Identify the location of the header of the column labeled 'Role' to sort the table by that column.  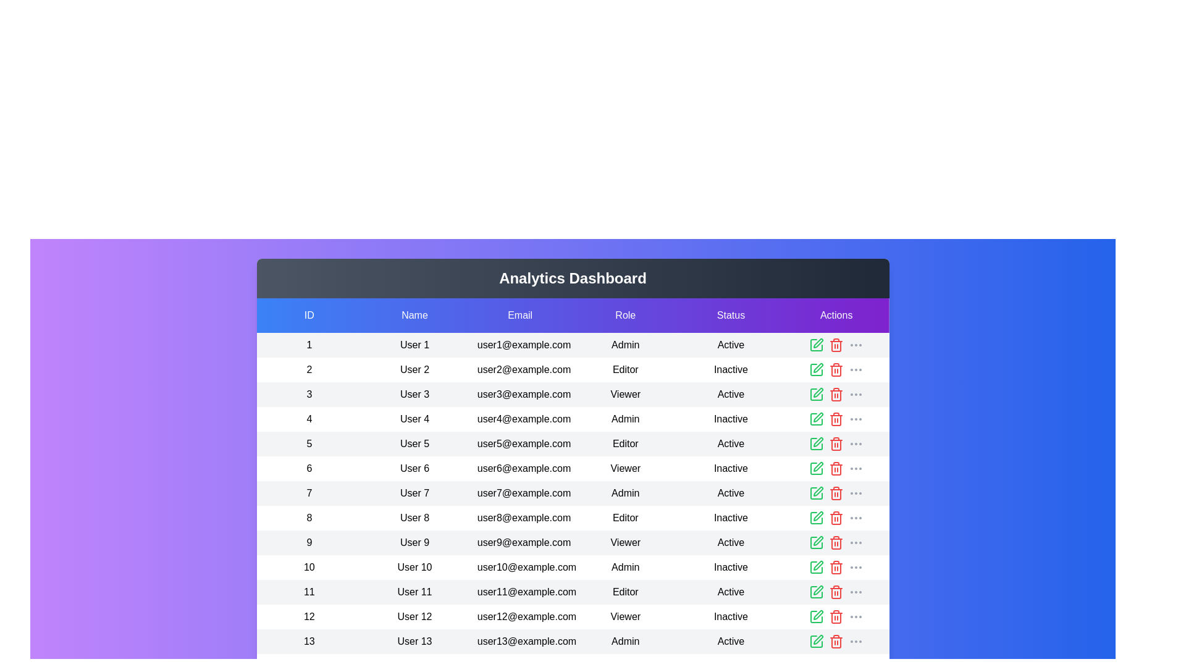
(625, 314).